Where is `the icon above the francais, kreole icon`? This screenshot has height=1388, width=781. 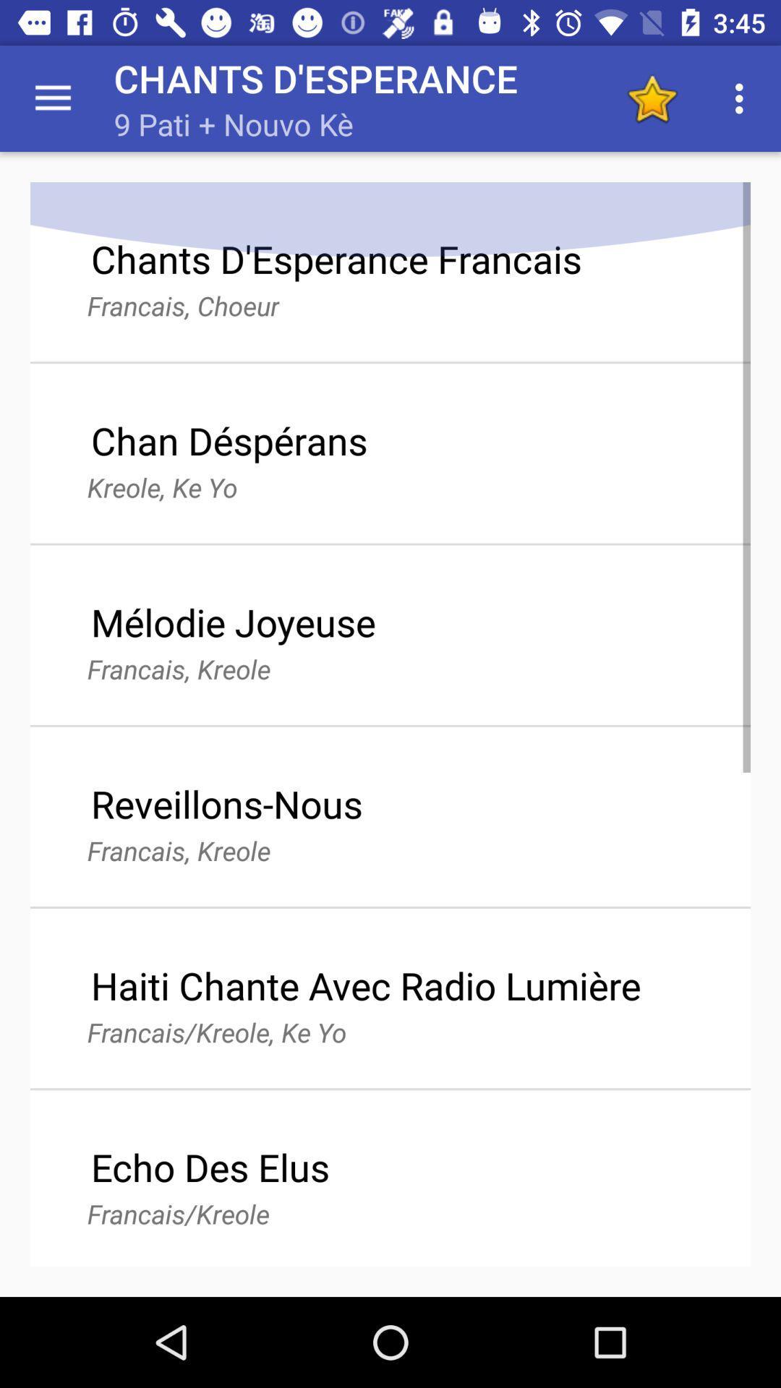 the icon above the francais, kreole icon is located at coordinates (232, 622).